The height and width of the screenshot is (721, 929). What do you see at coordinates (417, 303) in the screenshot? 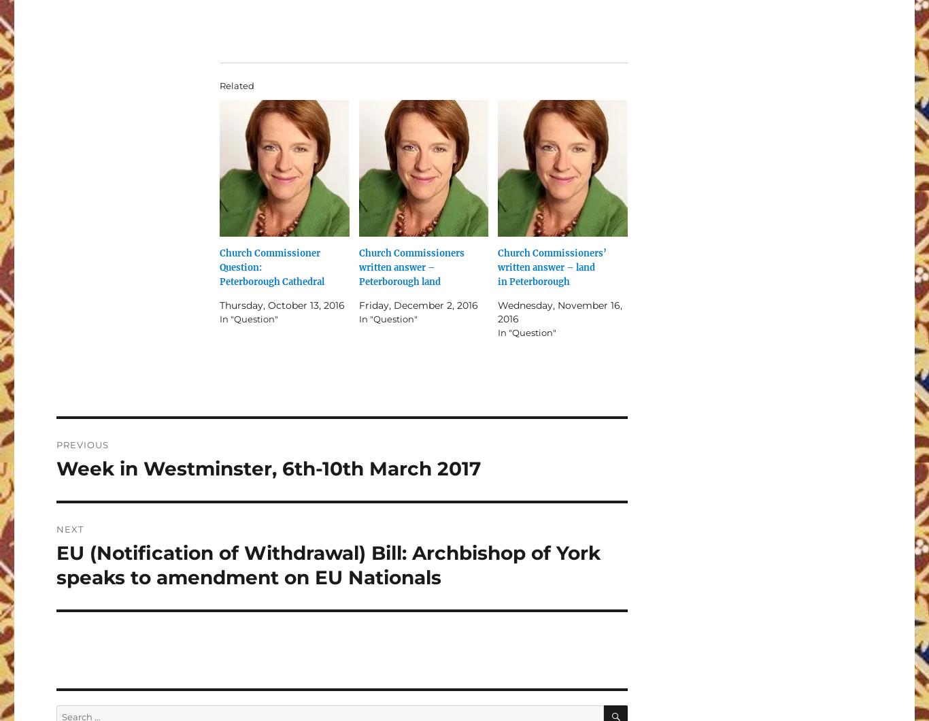
I see `'Friday, December 2, 2016'` at bounding box center [417, 303].